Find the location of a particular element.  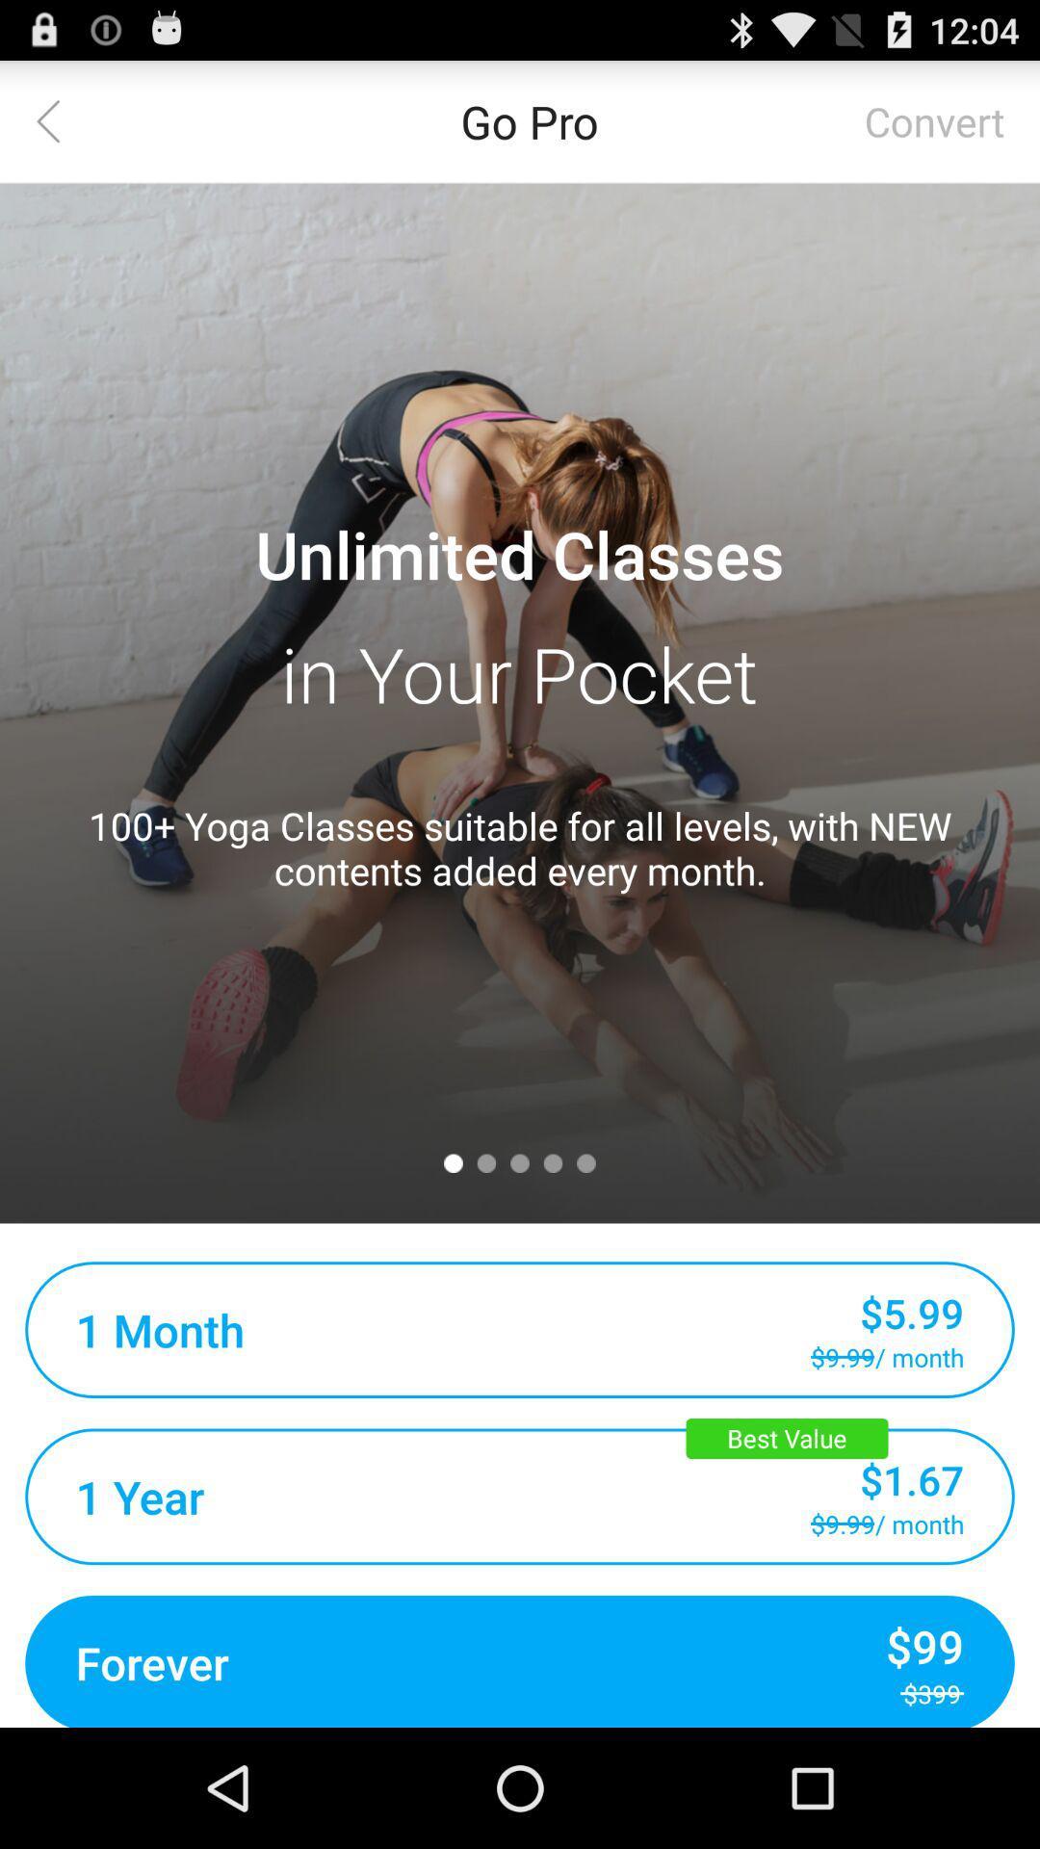

go back is located at coordinates (59, 119).